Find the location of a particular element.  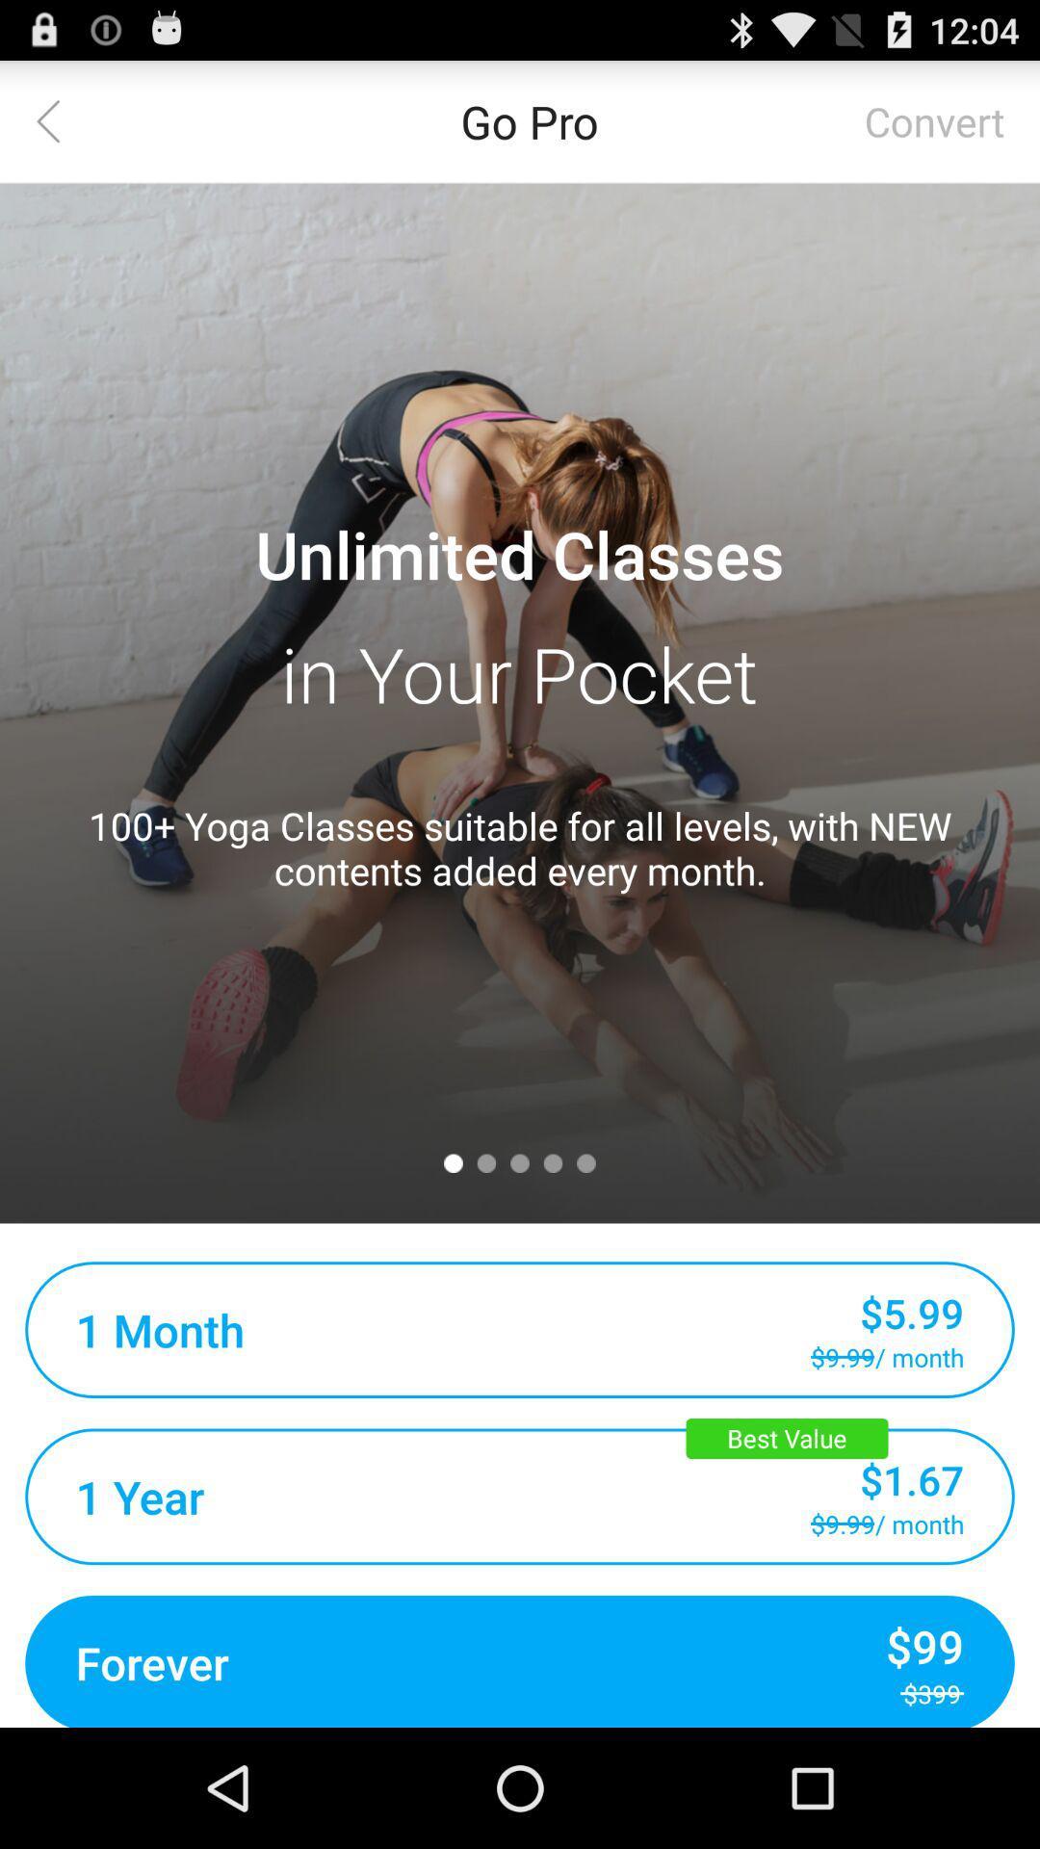

go back is located at coordinates (59, 119).